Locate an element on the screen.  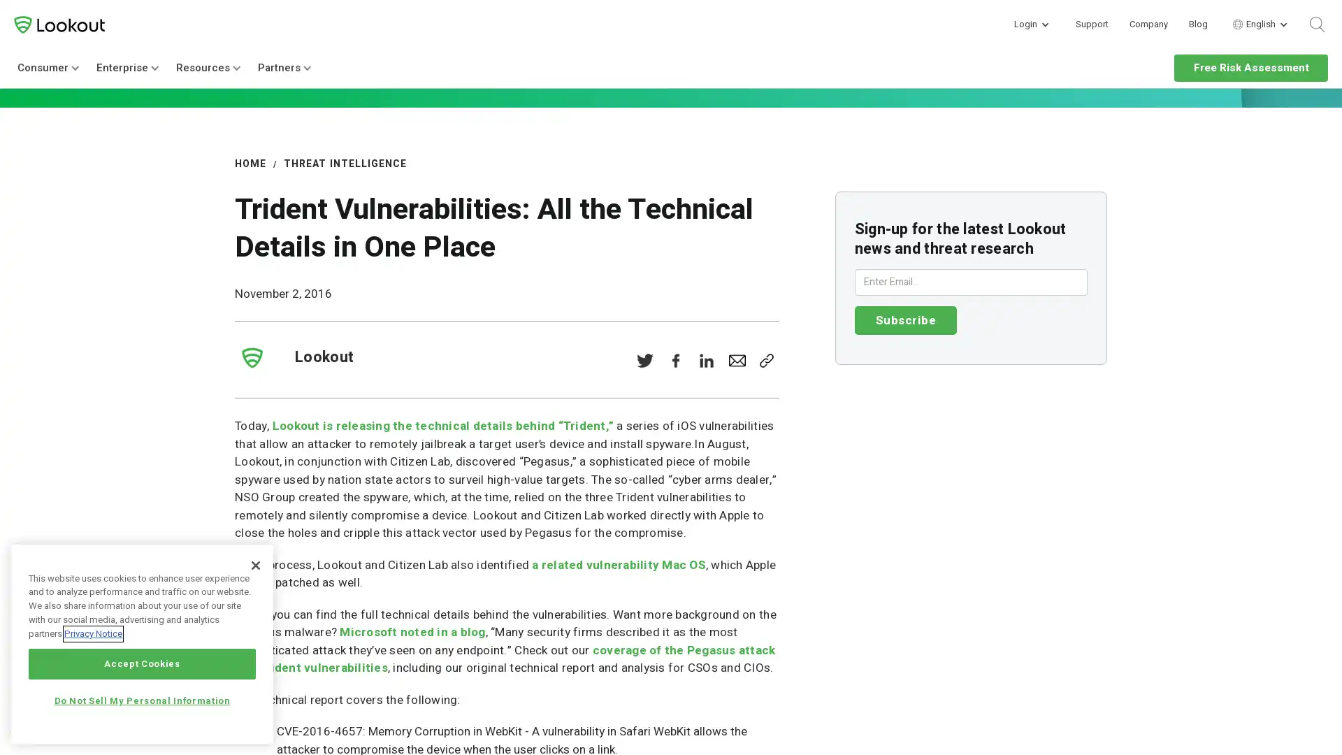
Do Not Sell My Personal Information is located at coordinates (142, 700).